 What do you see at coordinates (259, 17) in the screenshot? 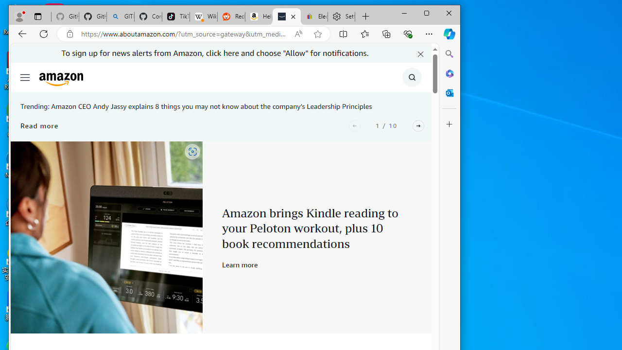
I see `'Help & Contact Us - Amazon Customer Service'` at bounding box center [259, 17].